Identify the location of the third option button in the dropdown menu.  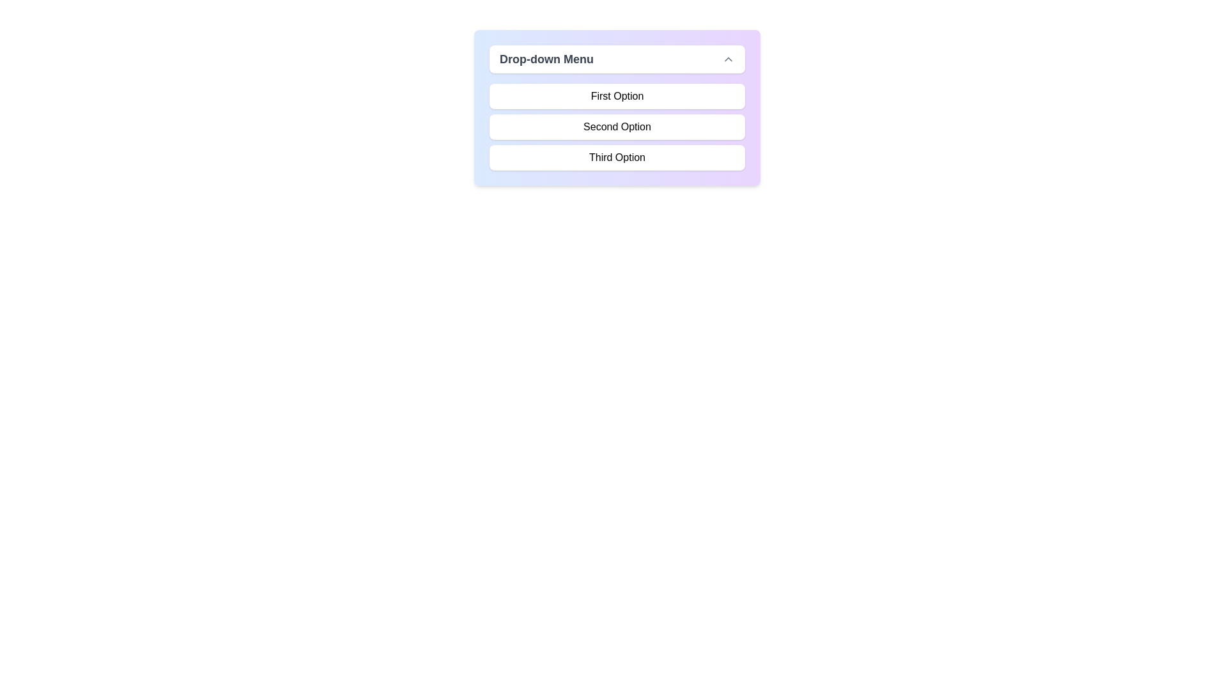
(617, 157).